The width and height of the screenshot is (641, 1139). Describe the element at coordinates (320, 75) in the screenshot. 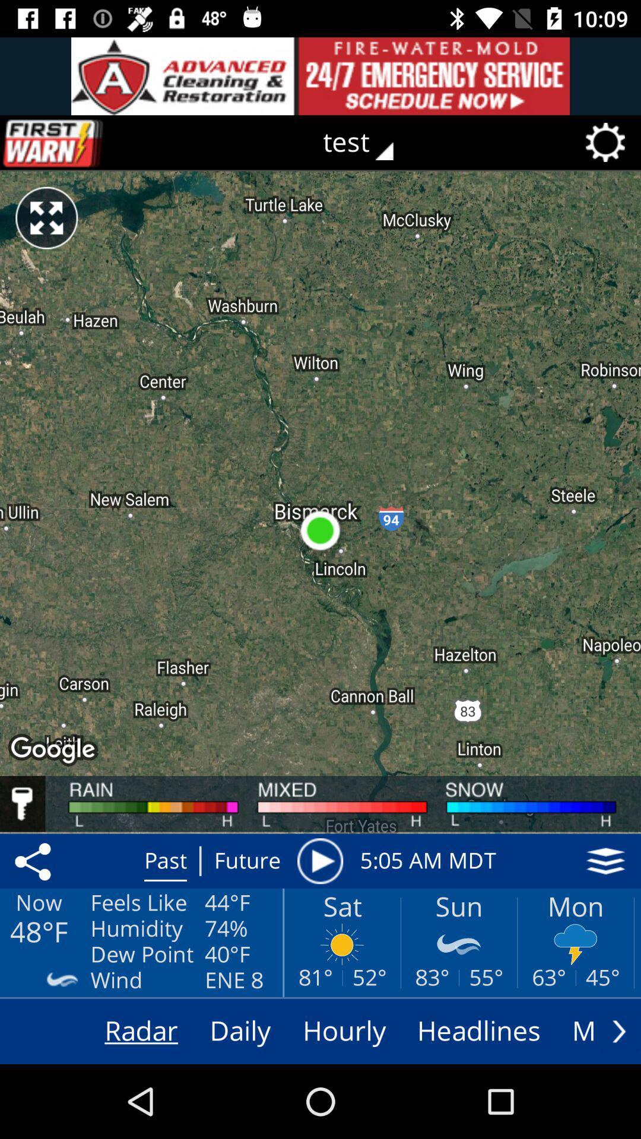

I see `advertisement` at that location.